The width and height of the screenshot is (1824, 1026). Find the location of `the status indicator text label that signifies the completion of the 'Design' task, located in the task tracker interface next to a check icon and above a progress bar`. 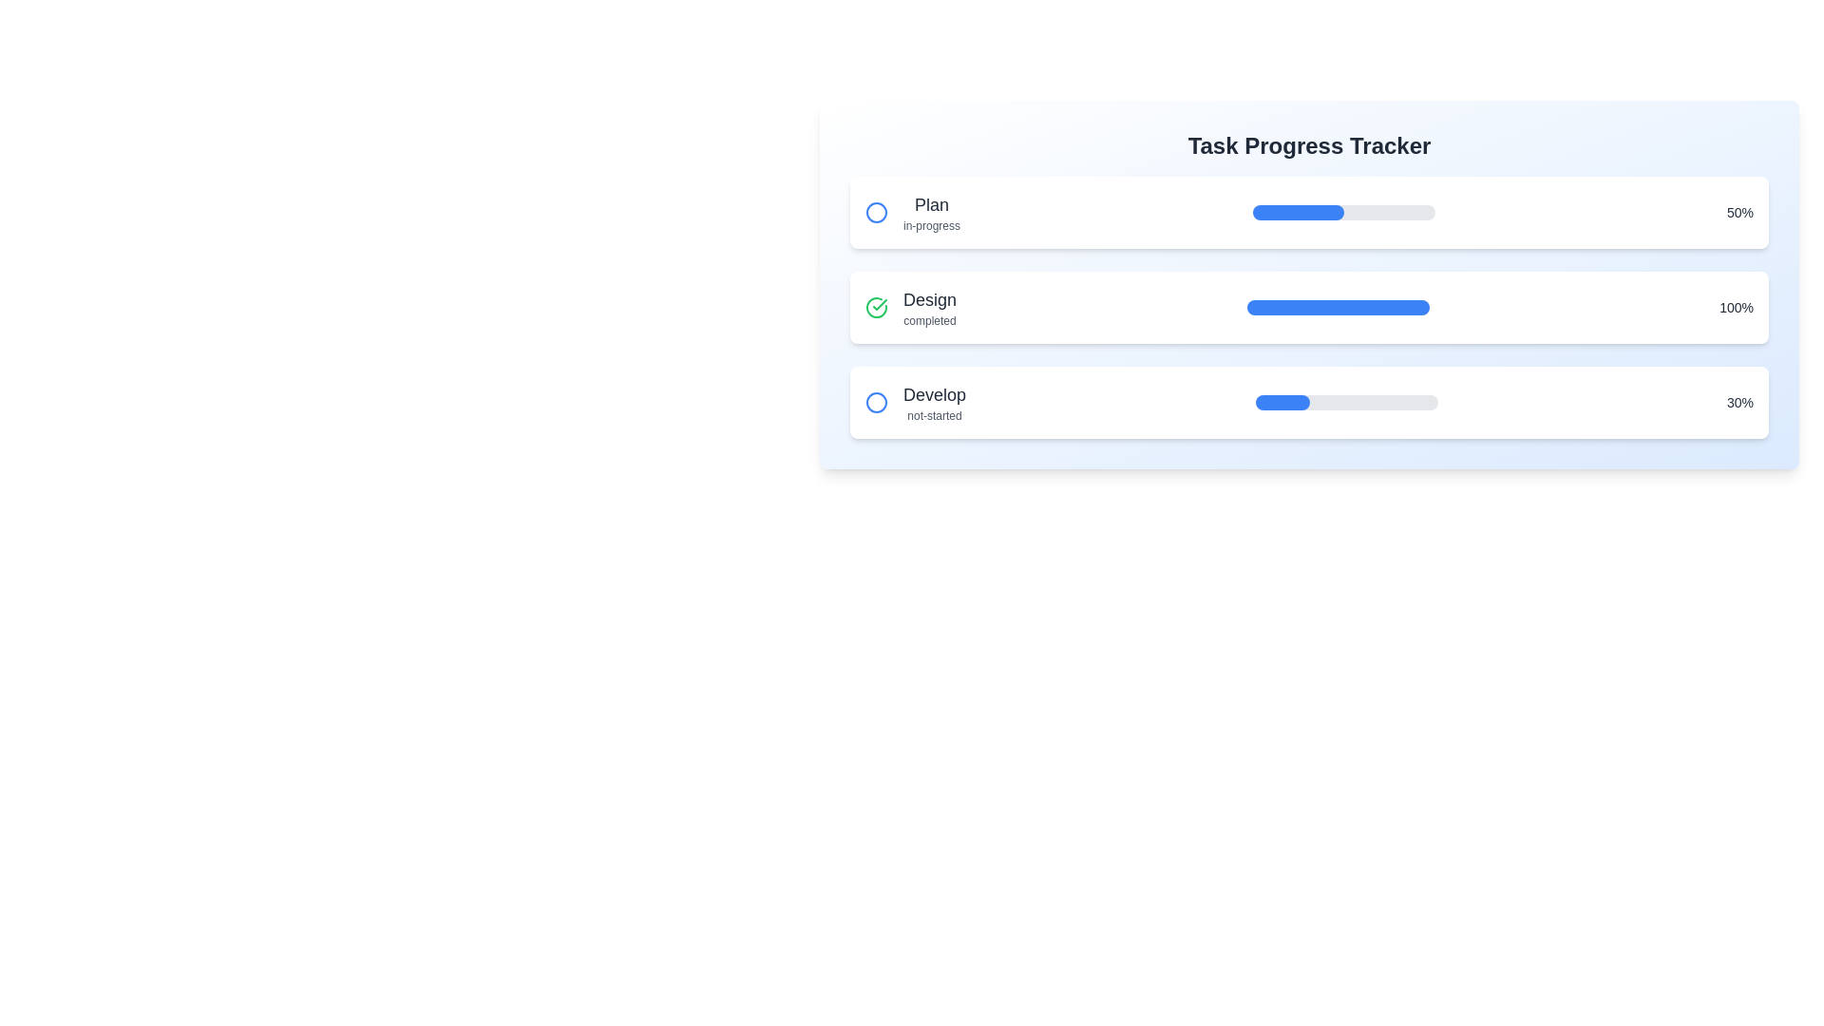

the status indicator text label that signifies the completion of the 'Design' task, located in the task tracker interface next to a check icon and above a progress bar is located at coordinates (930, 320).